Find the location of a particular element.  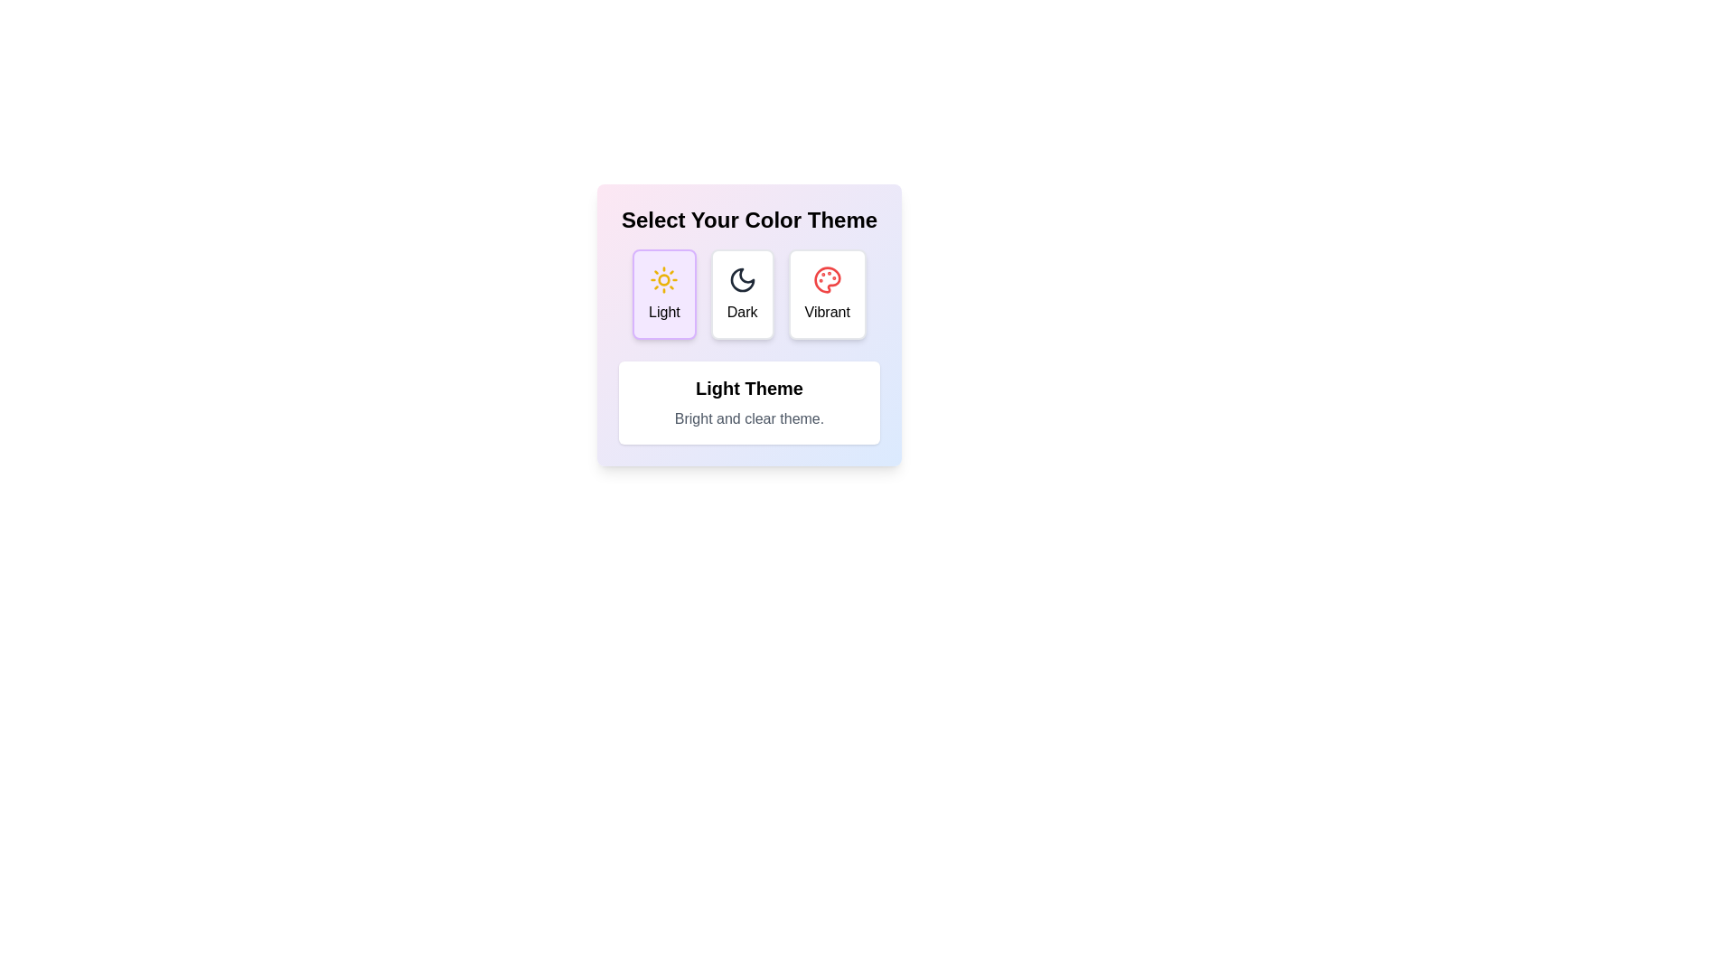

text from the label displaying the word 'Vibrant', which is centrally positioned below the vibrancy icon on the third card in the color theme options is located at coordinates (826, 312).